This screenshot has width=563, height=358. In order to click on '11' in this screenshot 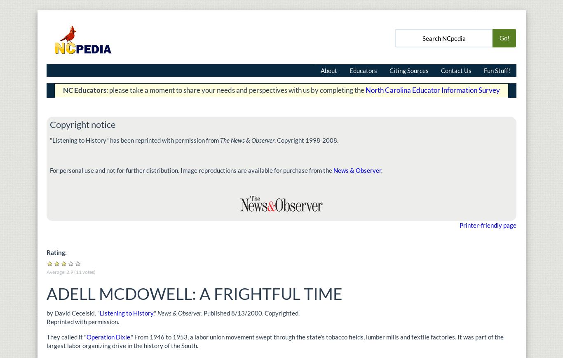, I will do `click(78, 272)`.